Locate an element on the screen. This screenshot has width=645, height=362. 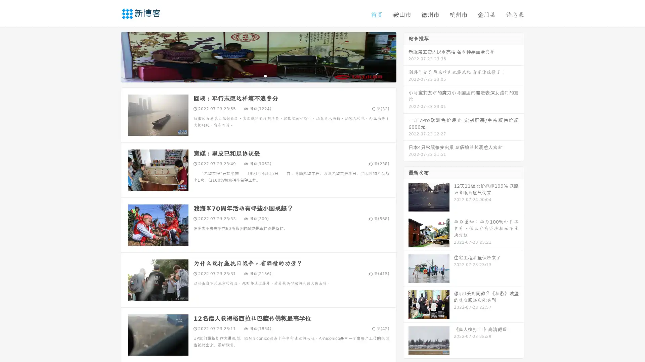
Go to slide 2 is located at coordinates (258, 75).